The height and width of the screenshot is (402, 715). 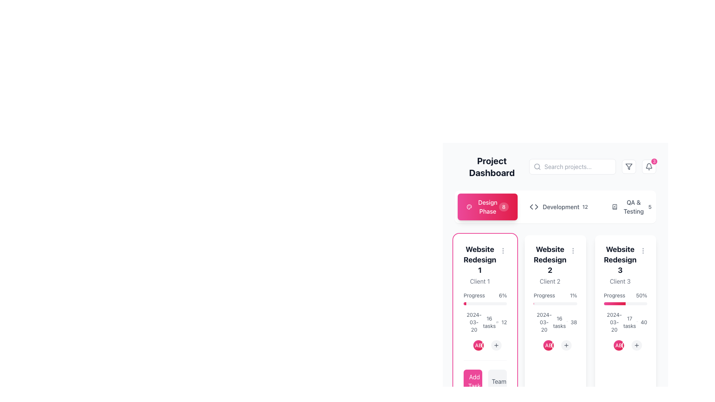 What do you see at coordinates (629, 166) in the screenshot?
I see `the funnel-shaped icon located within the rectangular button at the top-right corner of the user interface` at bounding box center [629, 166].